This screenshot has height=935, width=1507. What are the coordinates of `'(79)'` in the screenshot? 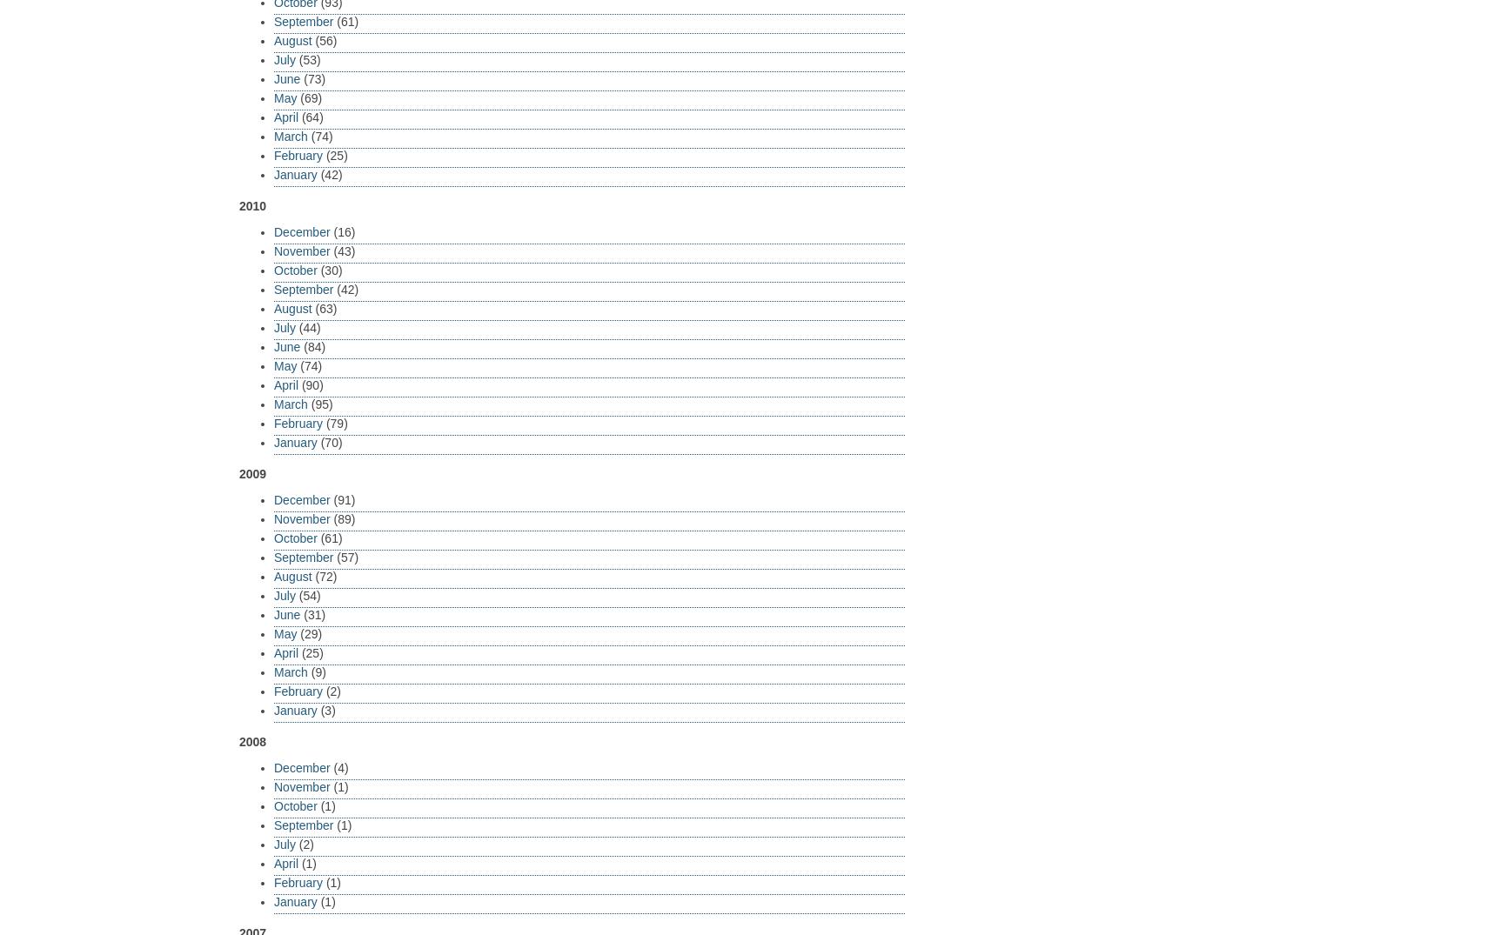 It's located at (321, 423).